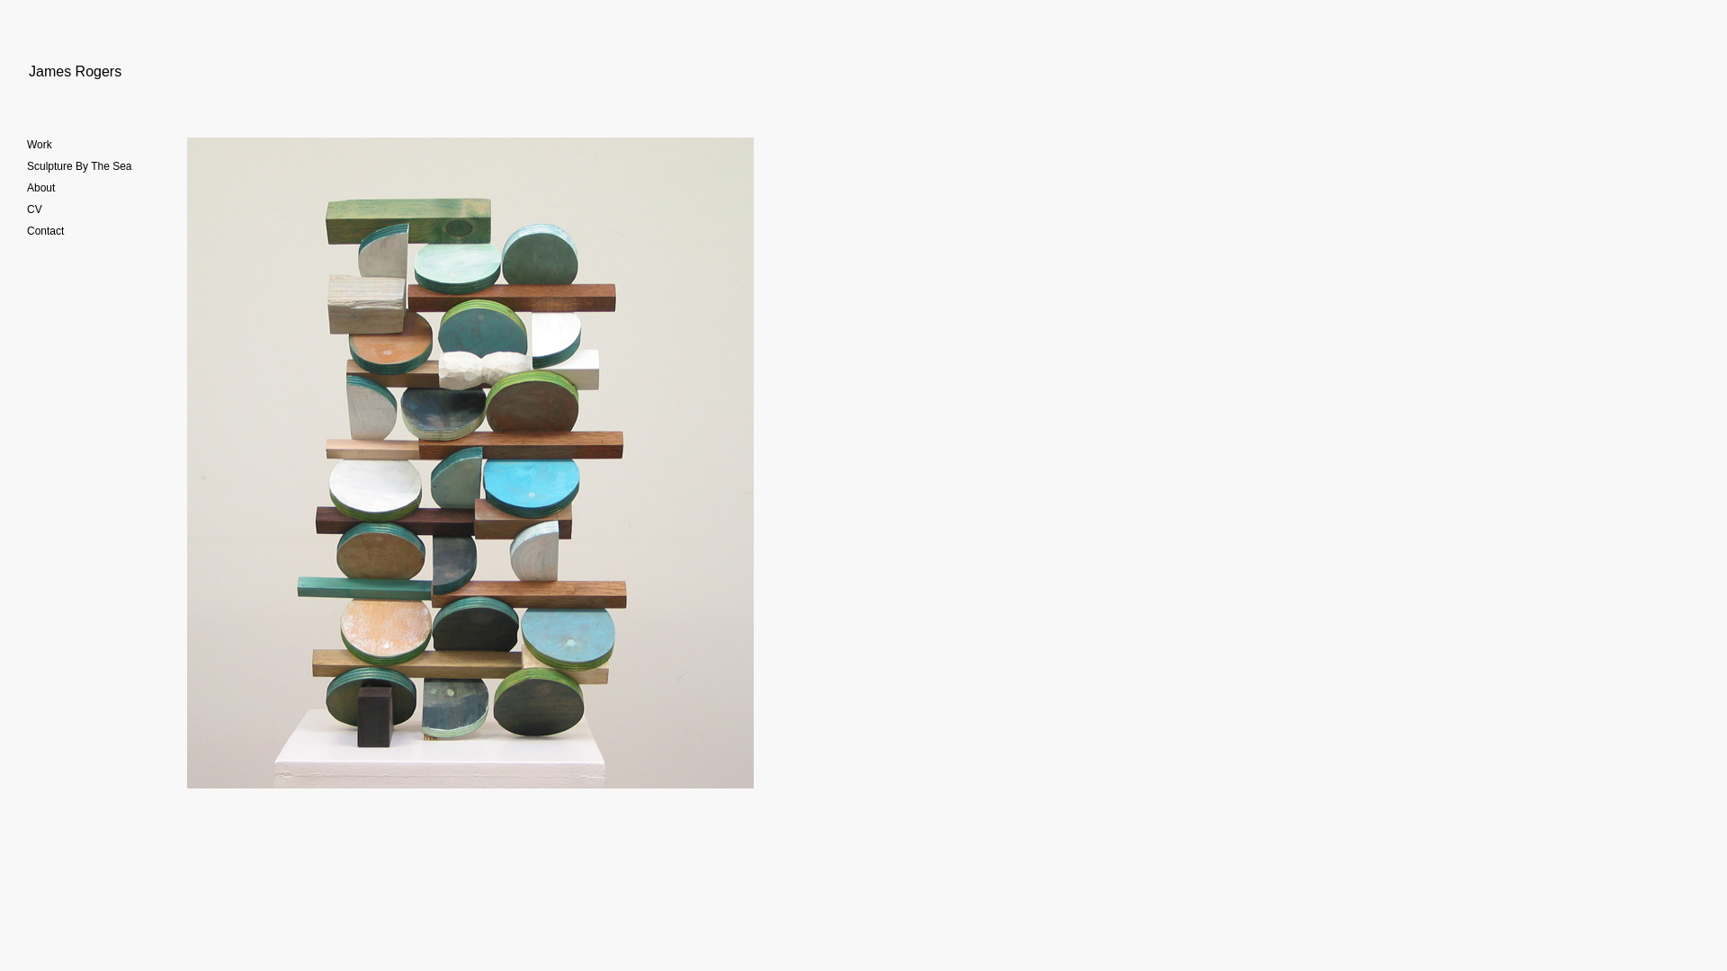 The image size is (1727, 971). I want to click on 'CV', so click(34, 208).